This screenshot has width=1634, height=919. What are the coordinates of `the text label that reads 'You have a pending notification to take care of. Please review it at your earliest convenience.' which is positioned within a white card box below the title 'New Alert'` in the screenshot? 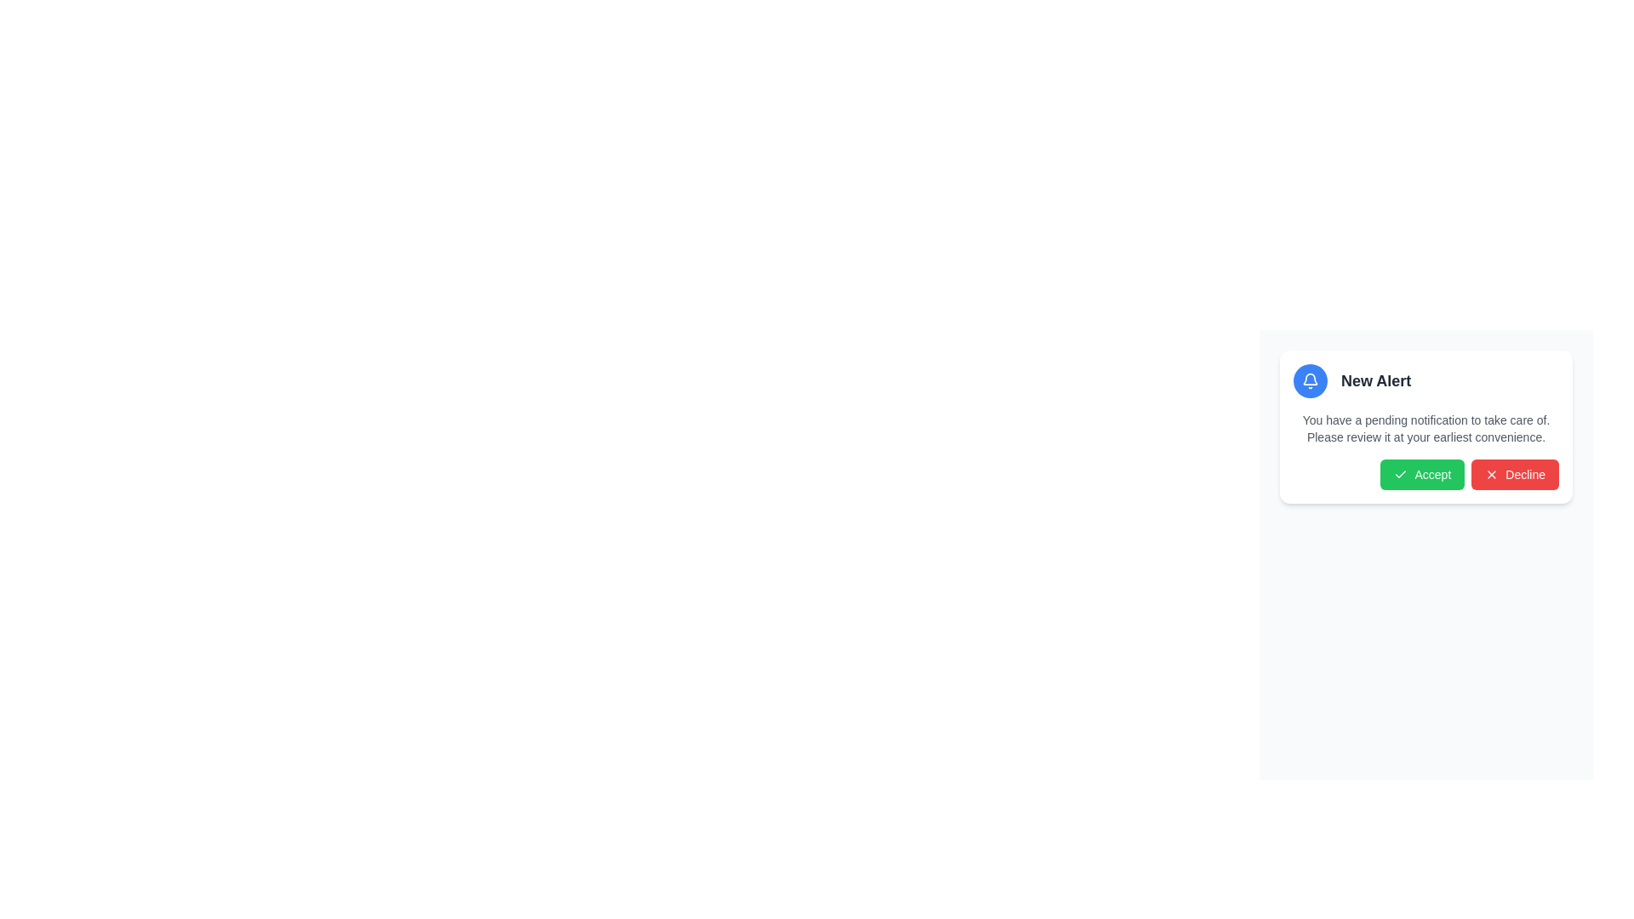 It's located at (1425, 428).